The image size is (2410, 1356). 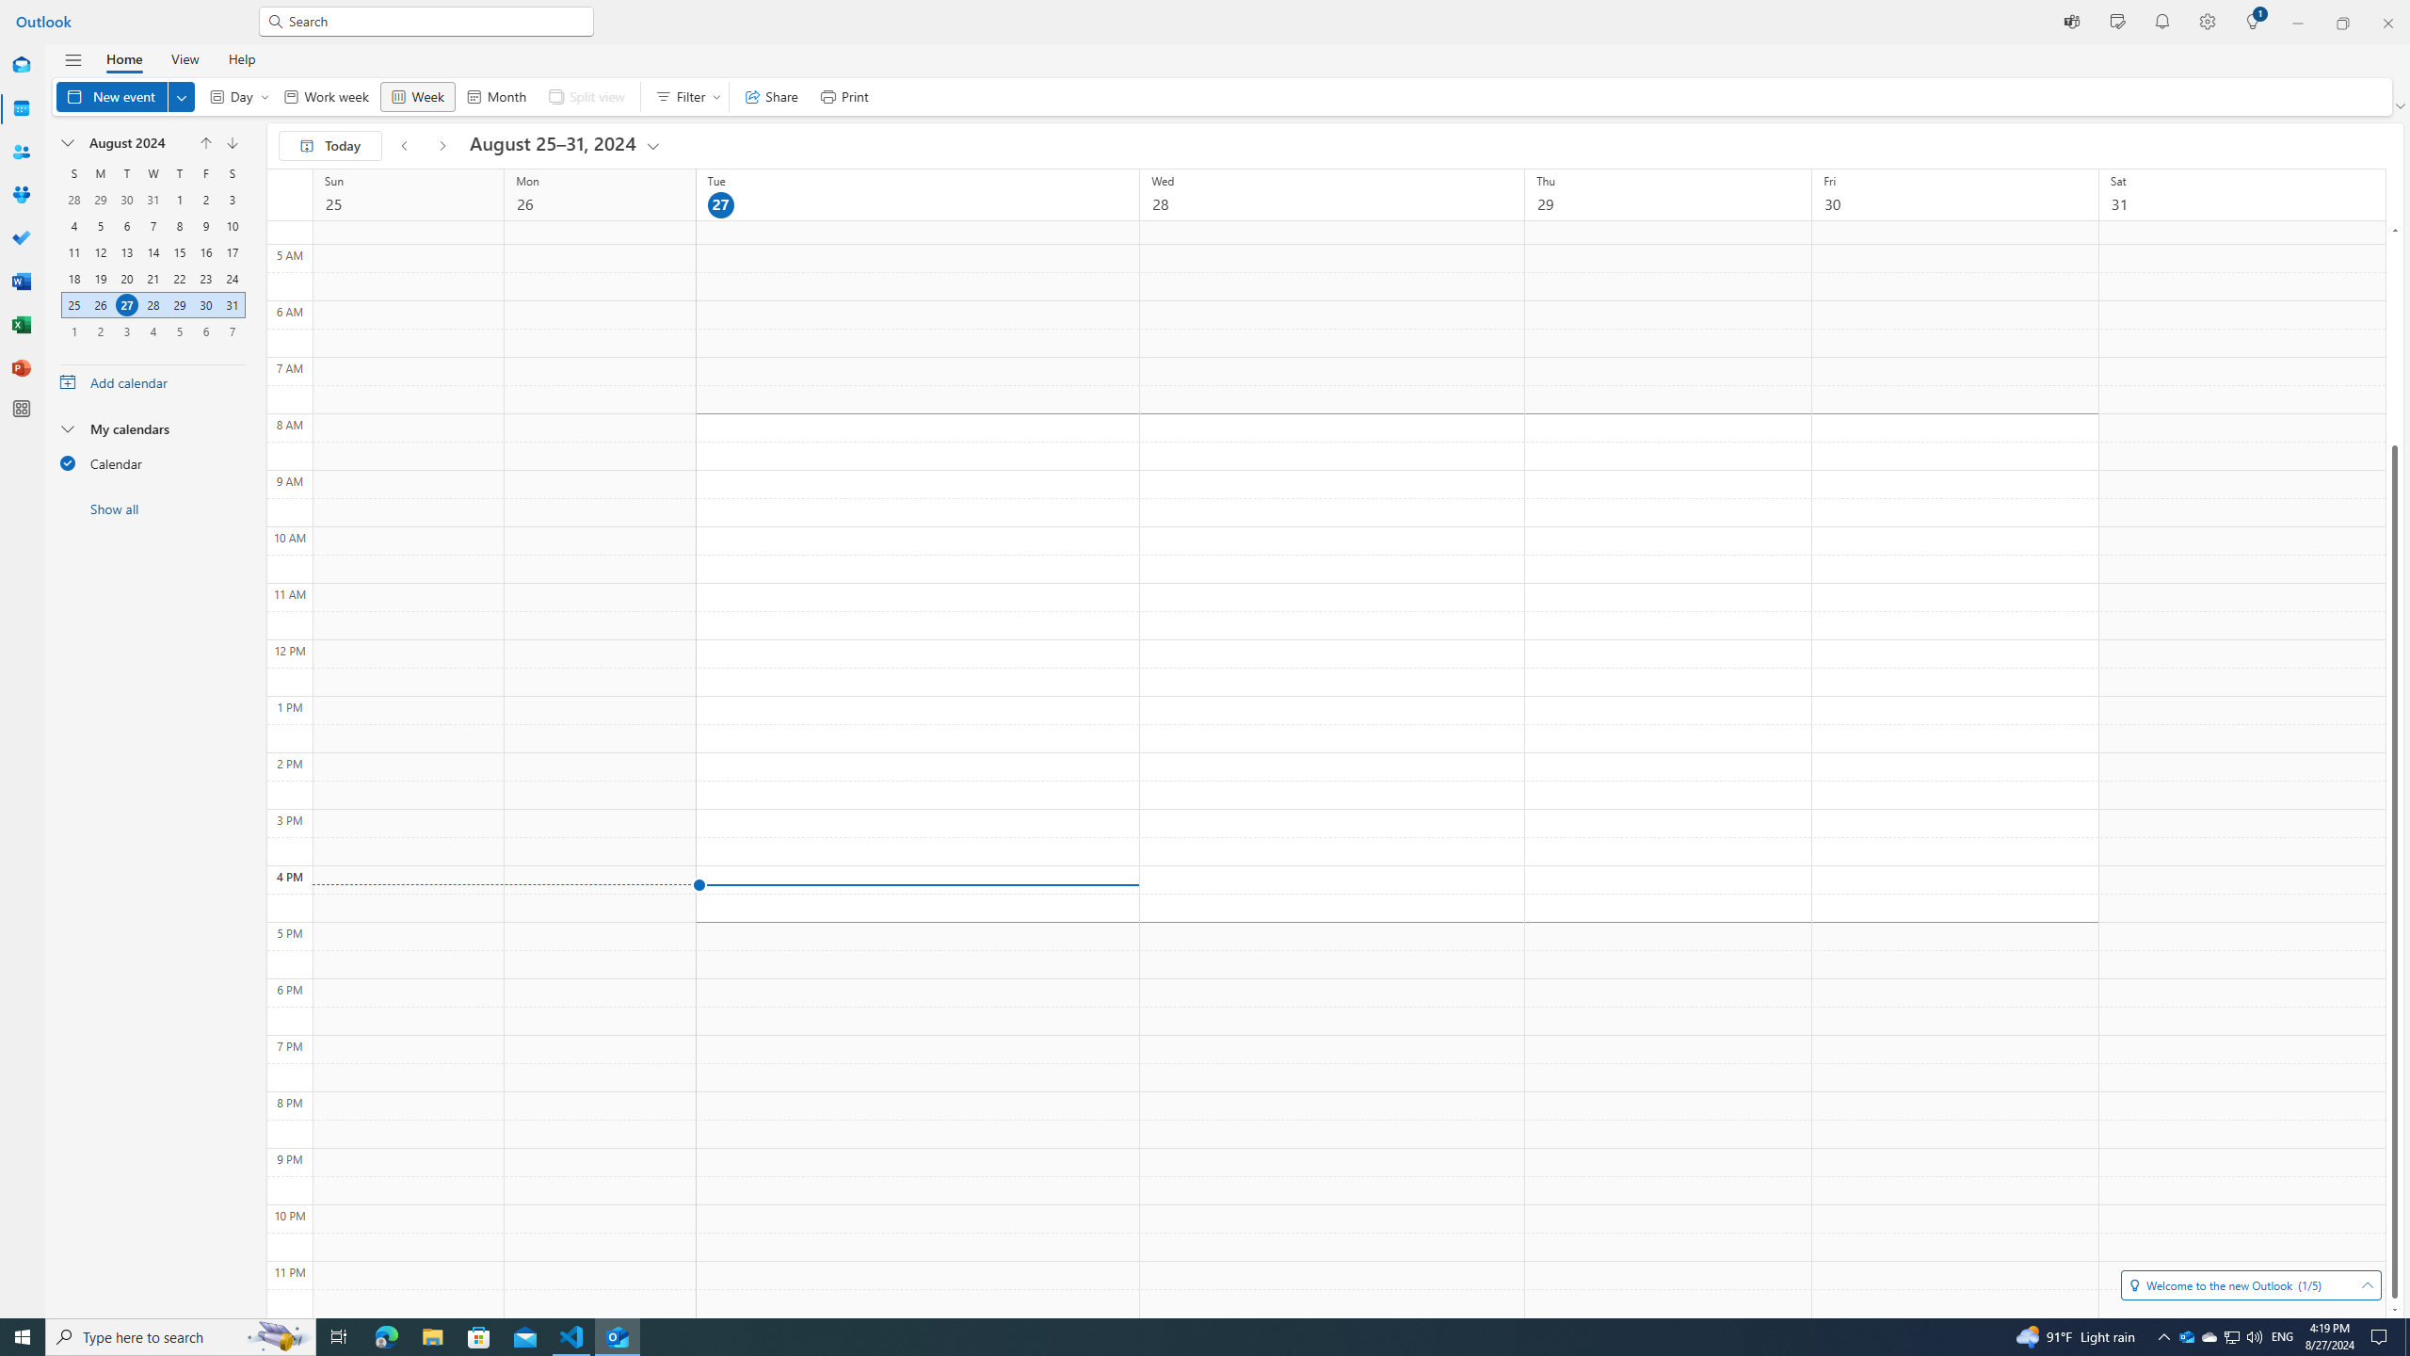 I want to click on '26, August, 2024', so click(x=99, y=304).